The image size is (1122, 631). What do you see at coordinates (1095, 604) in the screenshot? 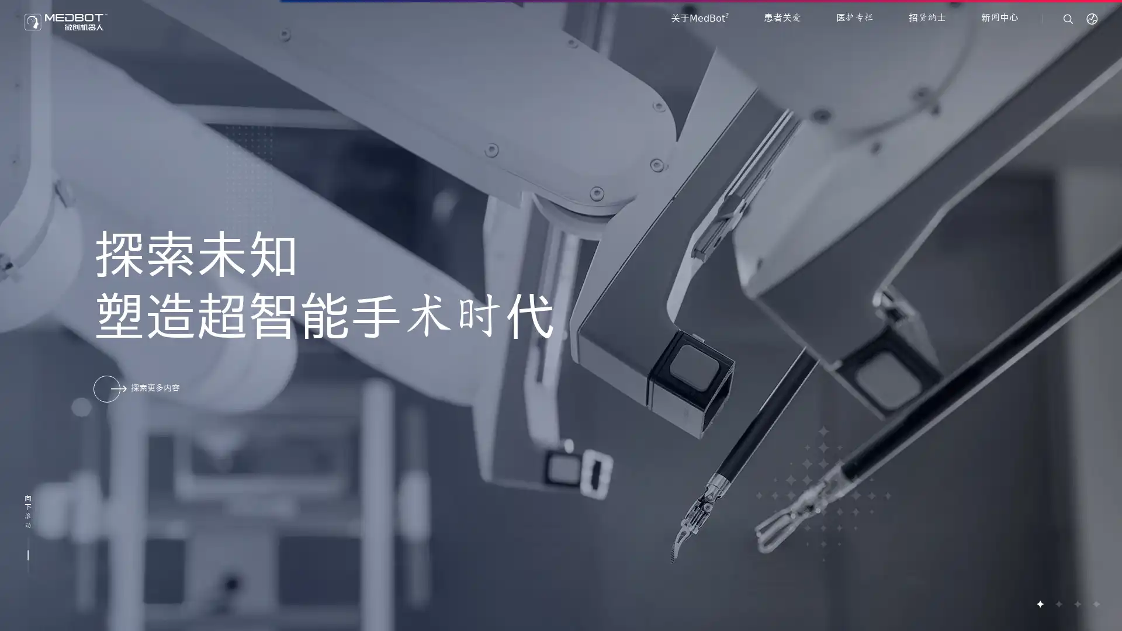
I see `Go to slide 4` at bounding box center [1095, 604].